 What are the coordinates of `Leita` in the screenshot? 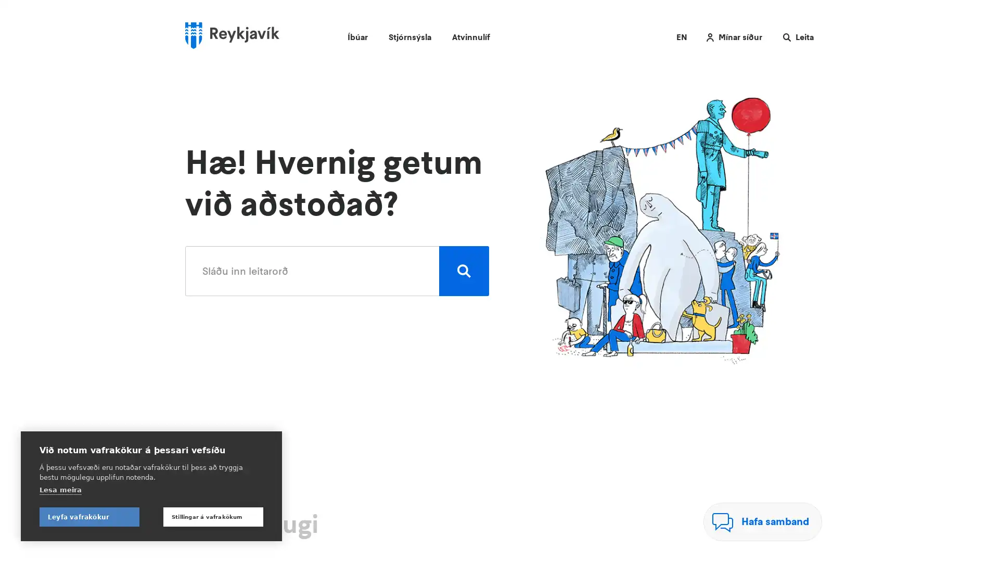 It's located at (464, 270).